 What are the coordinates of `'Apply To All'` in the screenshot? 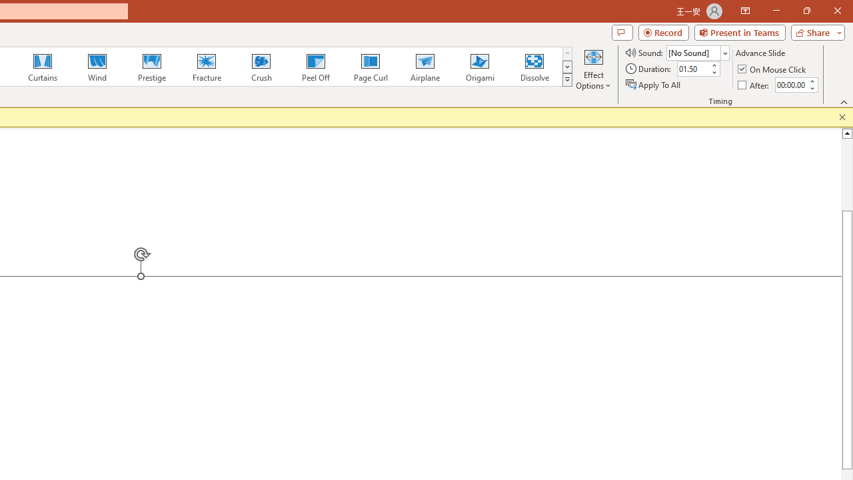 It's located at (654, 85).